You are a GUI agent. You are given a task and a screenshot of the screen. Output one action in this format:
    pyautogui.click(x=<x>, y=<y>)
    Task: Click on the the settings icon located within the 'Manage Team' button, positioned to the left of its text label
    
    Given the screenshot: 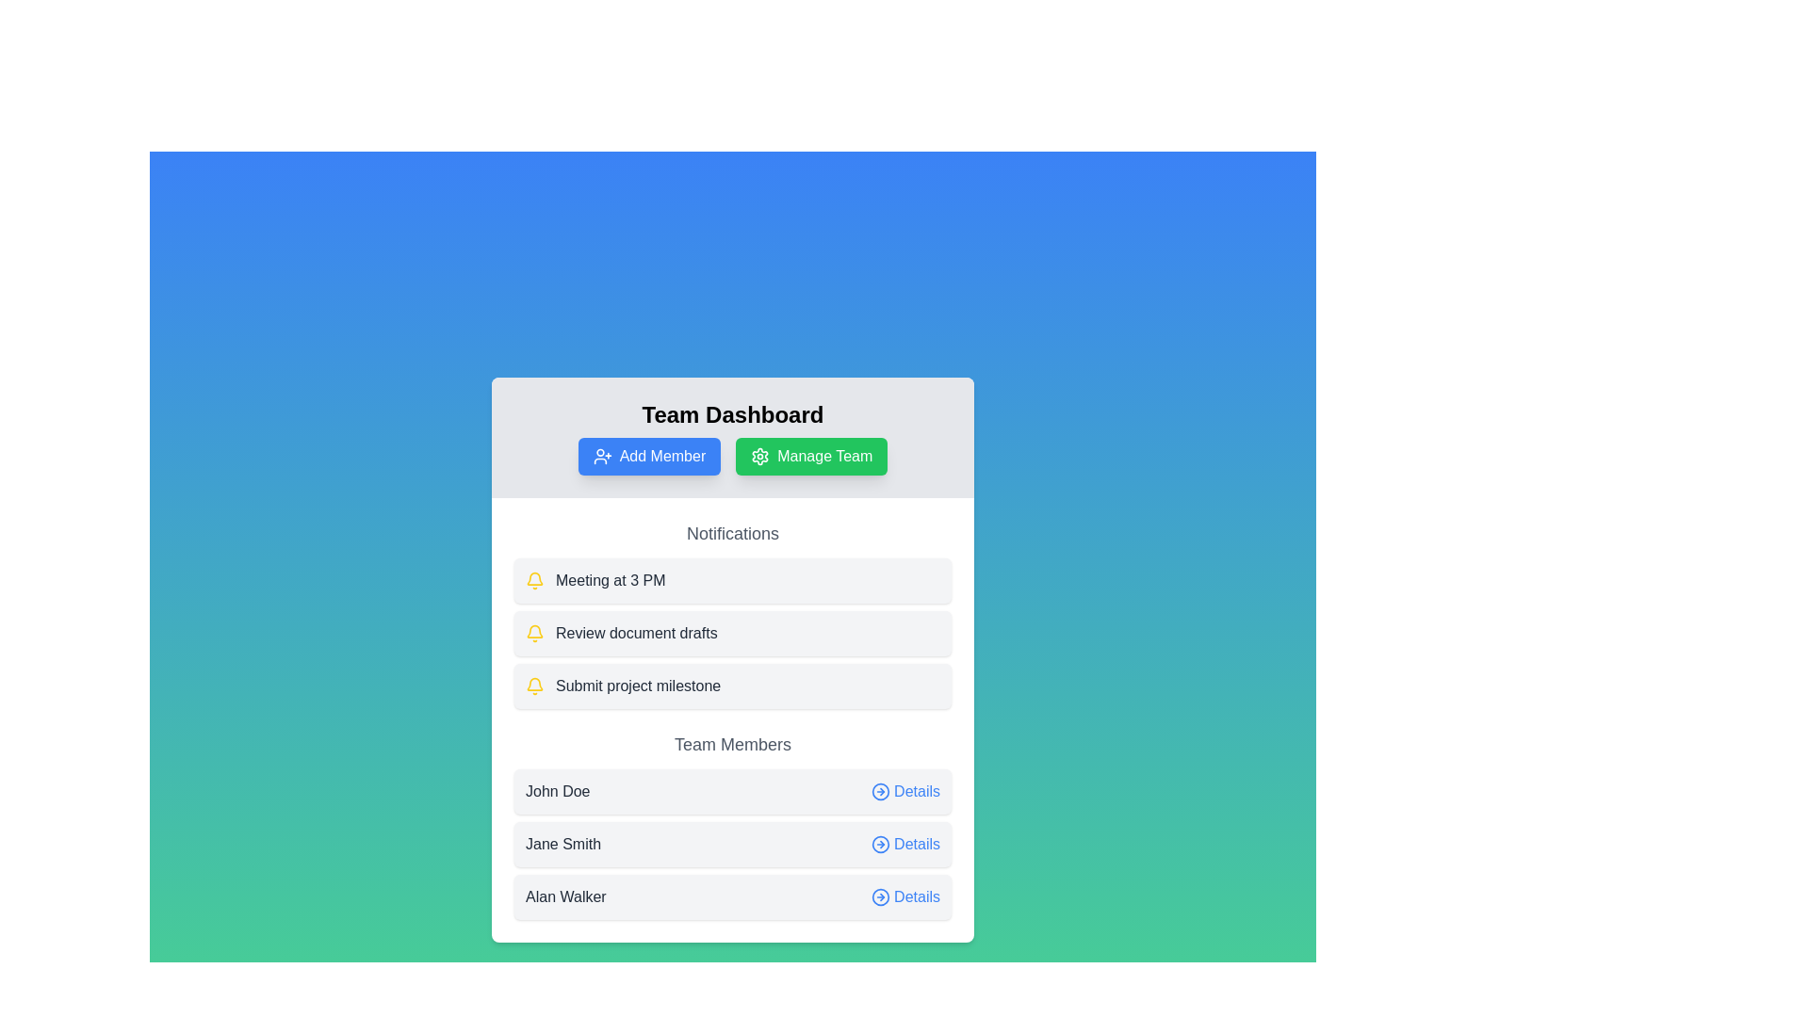 What is the action you would take?
    pyautogui.click(x=760, y=457)
    